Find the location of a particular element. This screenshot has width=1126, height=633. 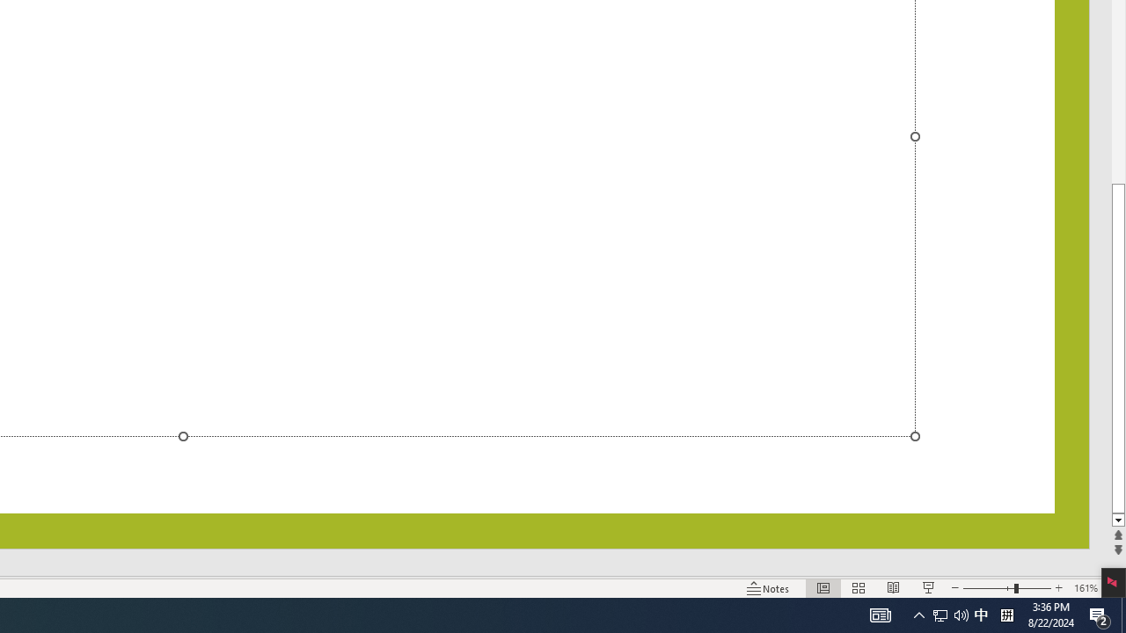

'Reading View' is located at coordinates (893, 588).